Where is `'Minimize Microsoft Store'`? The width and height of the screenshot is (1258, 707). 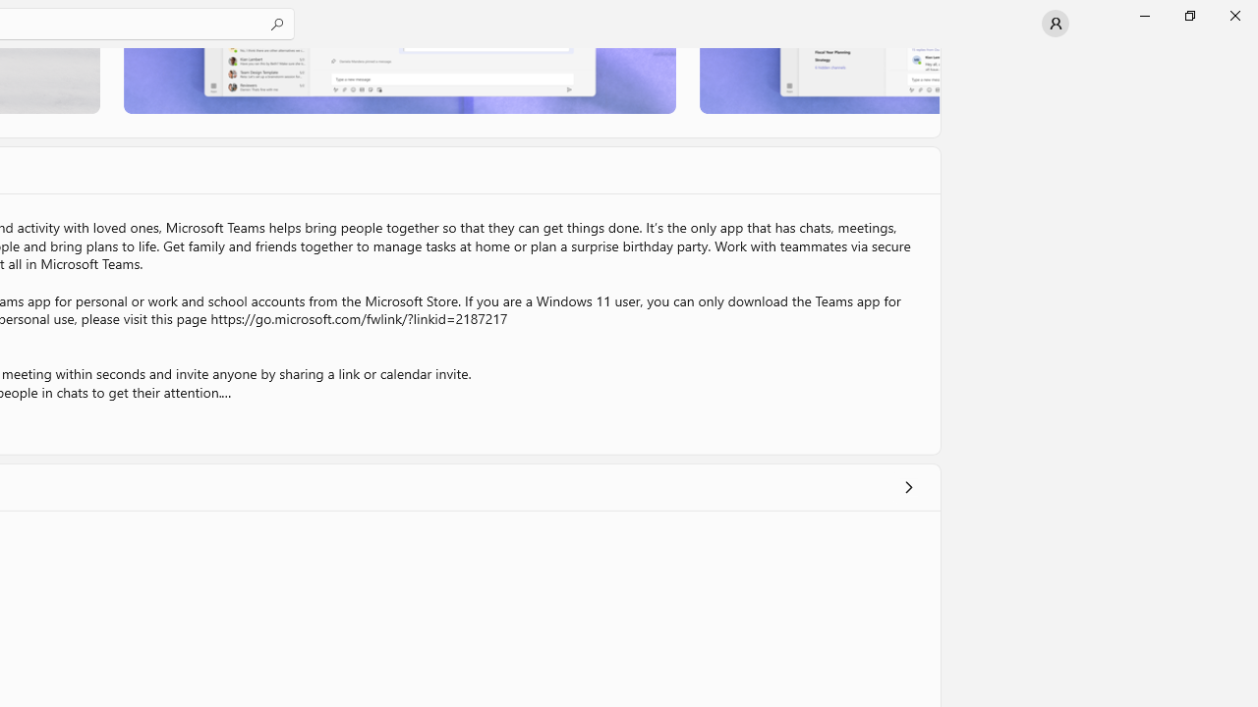
'Minimize Microsoft Store' is located at coordinates (1144, 15).